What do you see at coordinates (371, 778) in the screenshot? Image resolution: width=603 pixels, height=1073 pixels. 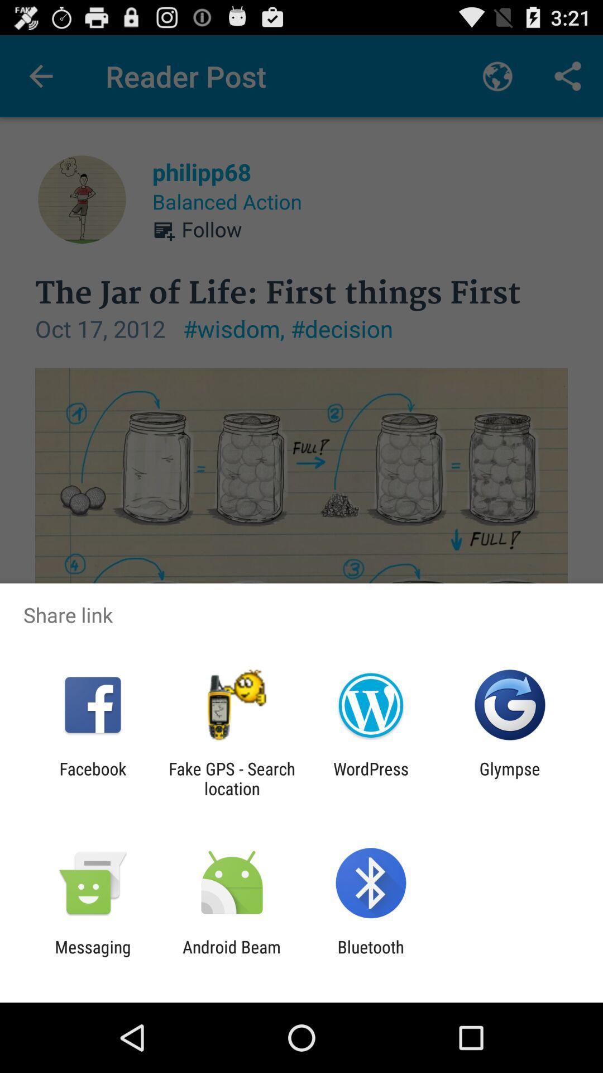 I see `wordpress app` at bounding box center [371, 778].